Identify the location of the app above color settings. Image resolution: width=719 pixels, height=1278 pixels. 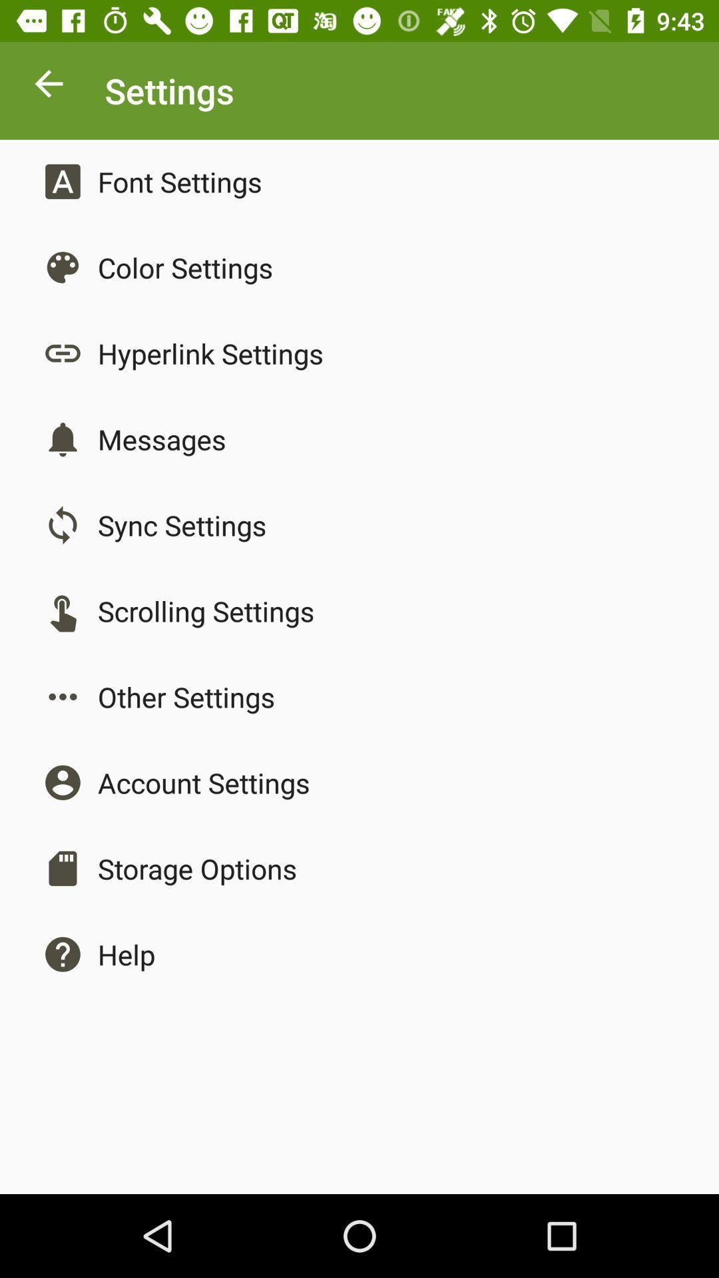
(180, 181).